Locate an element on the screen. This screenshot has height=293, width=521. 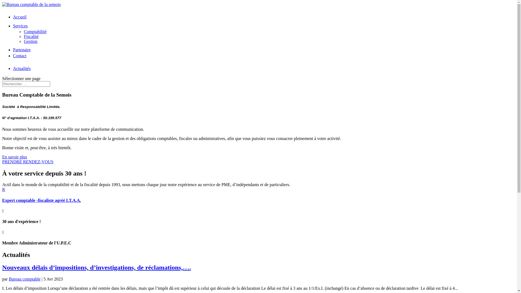
'En savoir plus' is located at coordinates (2, 157).